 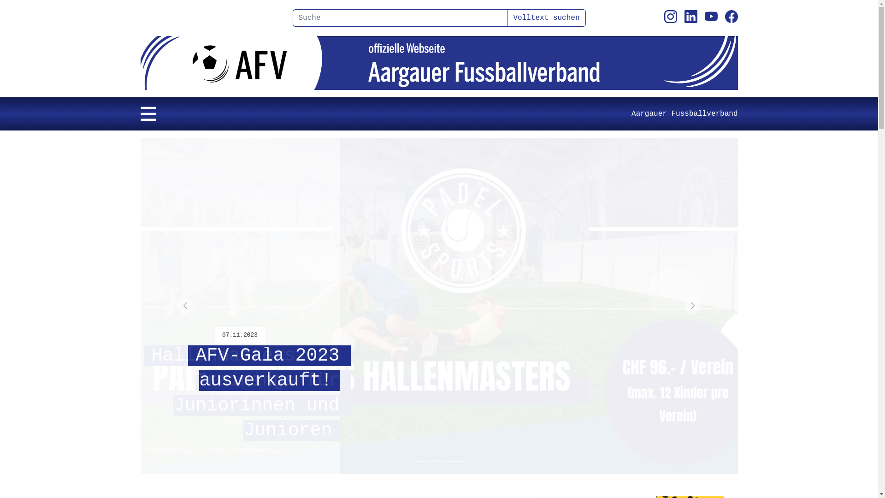 I want to click on 'Volltext suchen', so click(x=546, y=18).